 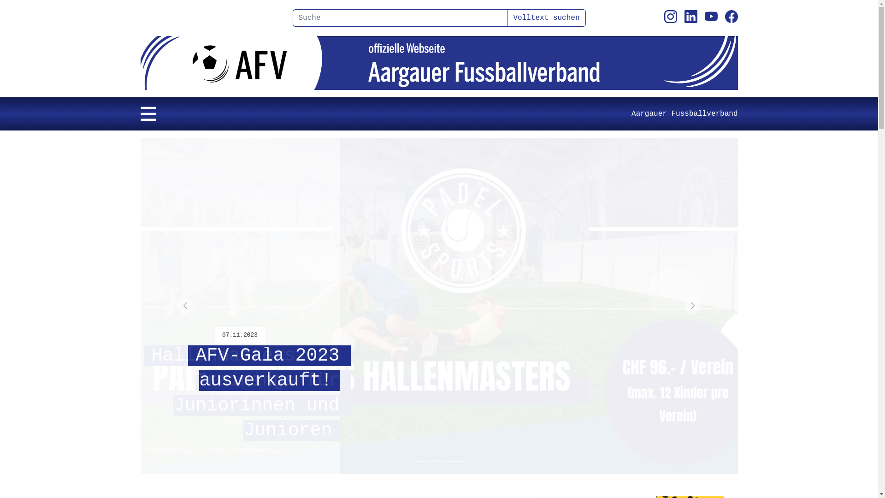 I want to click on 'Volltext suchen', so click(x=546, y=18).